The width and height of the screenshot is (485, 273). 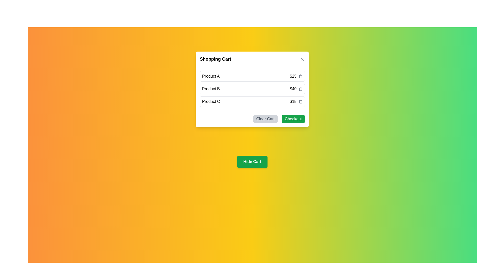 What do you see at coordinates (293, 119) in the screenshot?
I see `the 'Checkout' button located at the bottom-right corner of the shopping cart modal to proceed to checkout` at bounding box center [293, 119].